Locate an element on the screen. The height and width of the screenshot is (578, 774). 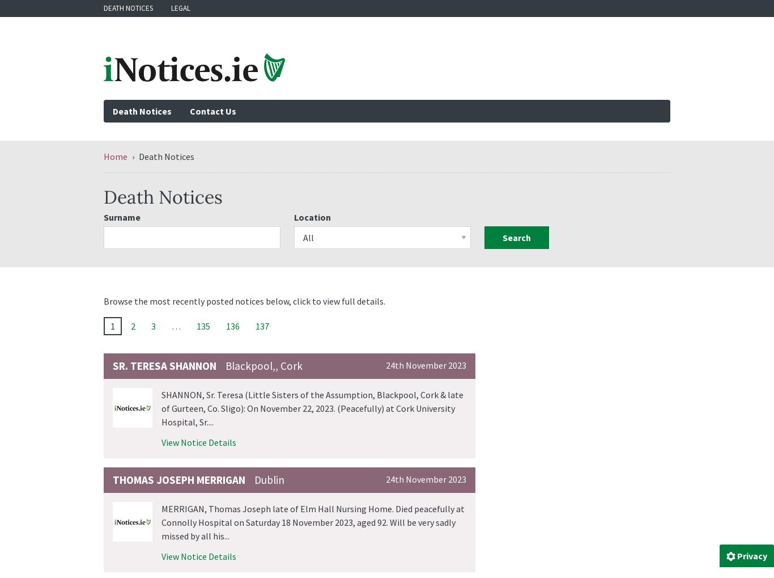
'3' is located at coordinates (154, 326).